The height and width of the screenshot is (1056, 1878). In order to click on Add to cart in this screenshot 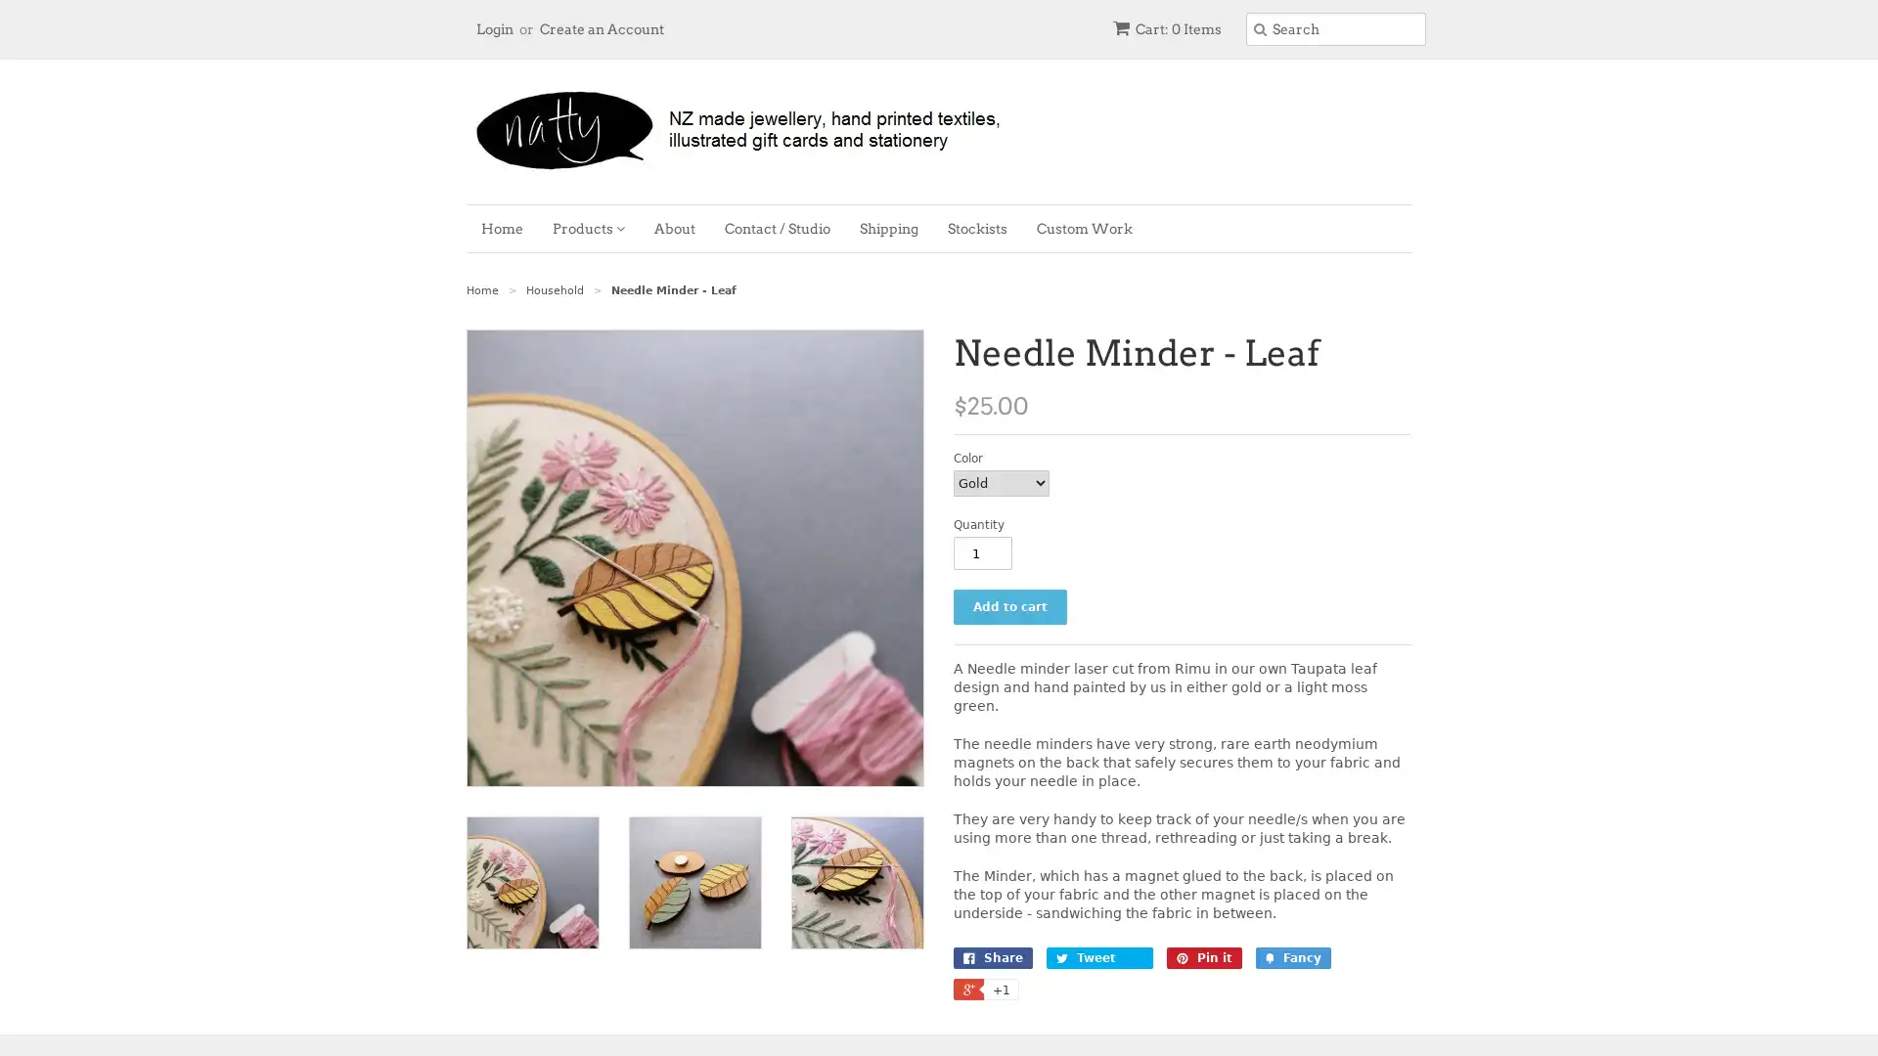, I will do `click(1009, 606)`.